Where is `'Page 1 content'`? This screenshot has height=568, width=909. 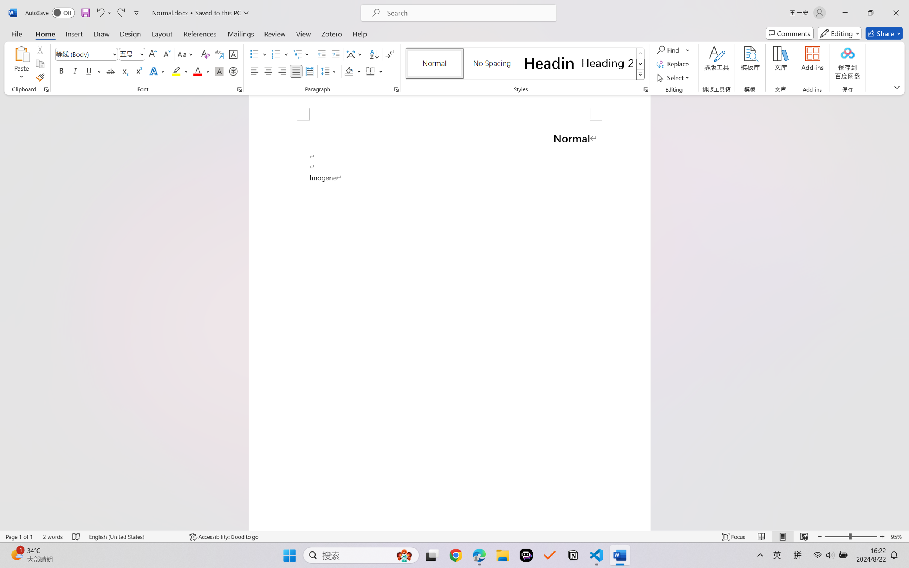 'Page 1 content' is located at coordinates (450, 325).